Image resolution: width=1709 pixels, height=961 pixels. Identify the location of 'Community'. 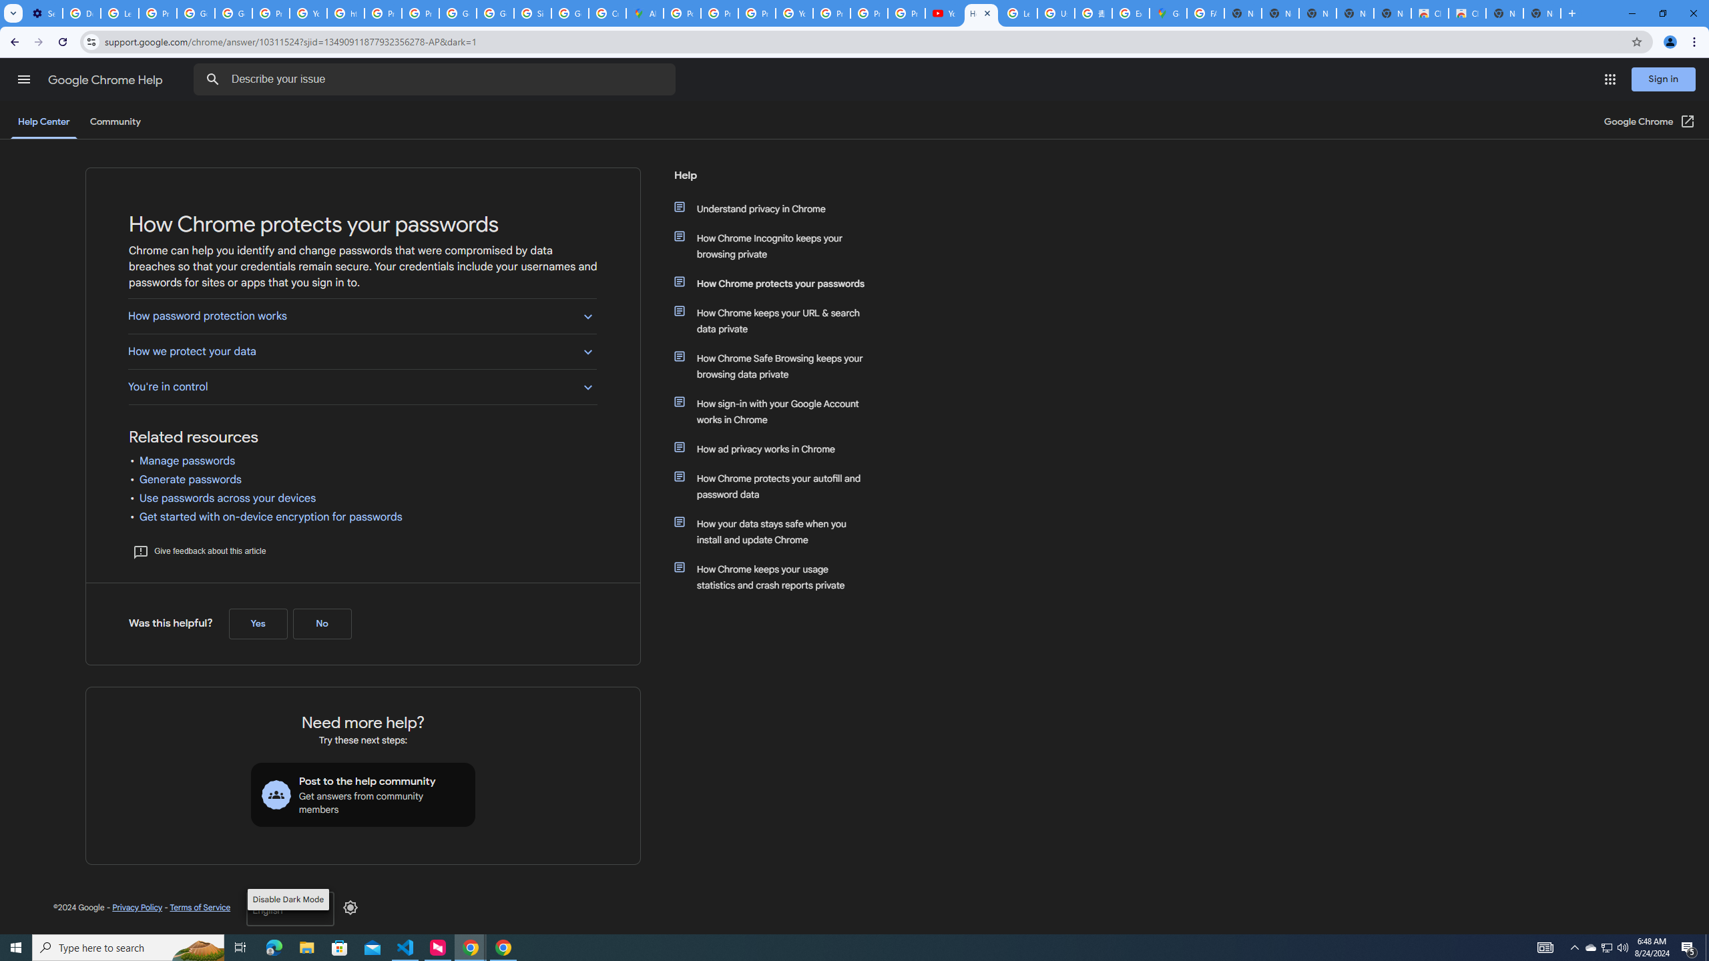
(114, 121).